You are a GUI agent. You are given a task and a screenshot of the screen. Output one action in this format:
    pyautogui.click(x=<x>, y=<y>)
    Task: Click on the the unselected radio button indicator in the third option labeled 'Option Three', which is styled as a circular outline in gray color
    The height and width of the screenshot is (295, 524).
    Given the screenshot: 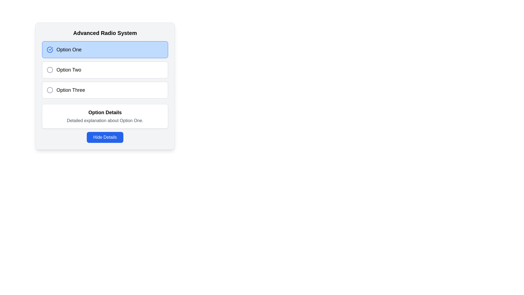 What is the action you would take?
    pyautogui.click(x=50, y=90)
    